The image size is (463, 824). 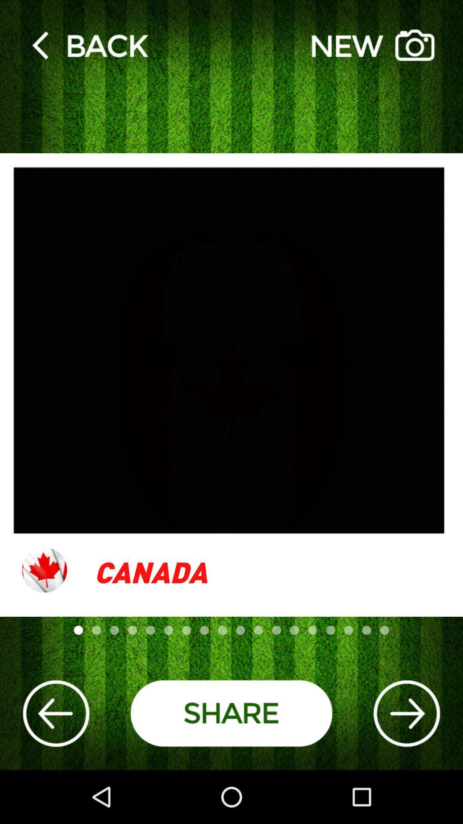 What do you see at coordinates (56, 713) in the screenshot?
I see `the arrow_backward icon` at bounding box center [56, 713].